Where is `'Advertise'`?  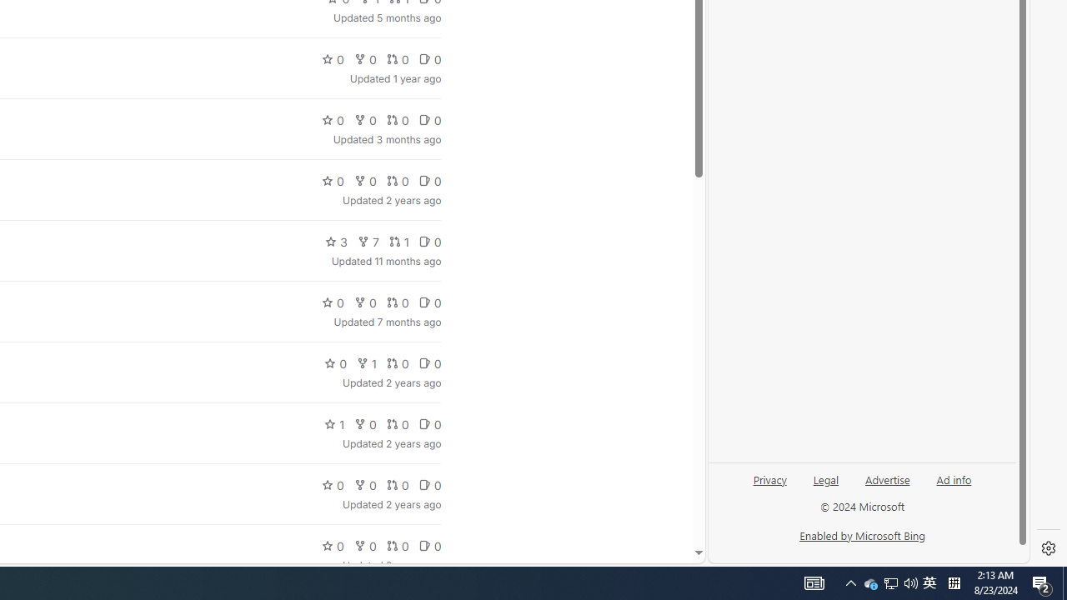 'Advertise' is located at coordinates (886, 478).